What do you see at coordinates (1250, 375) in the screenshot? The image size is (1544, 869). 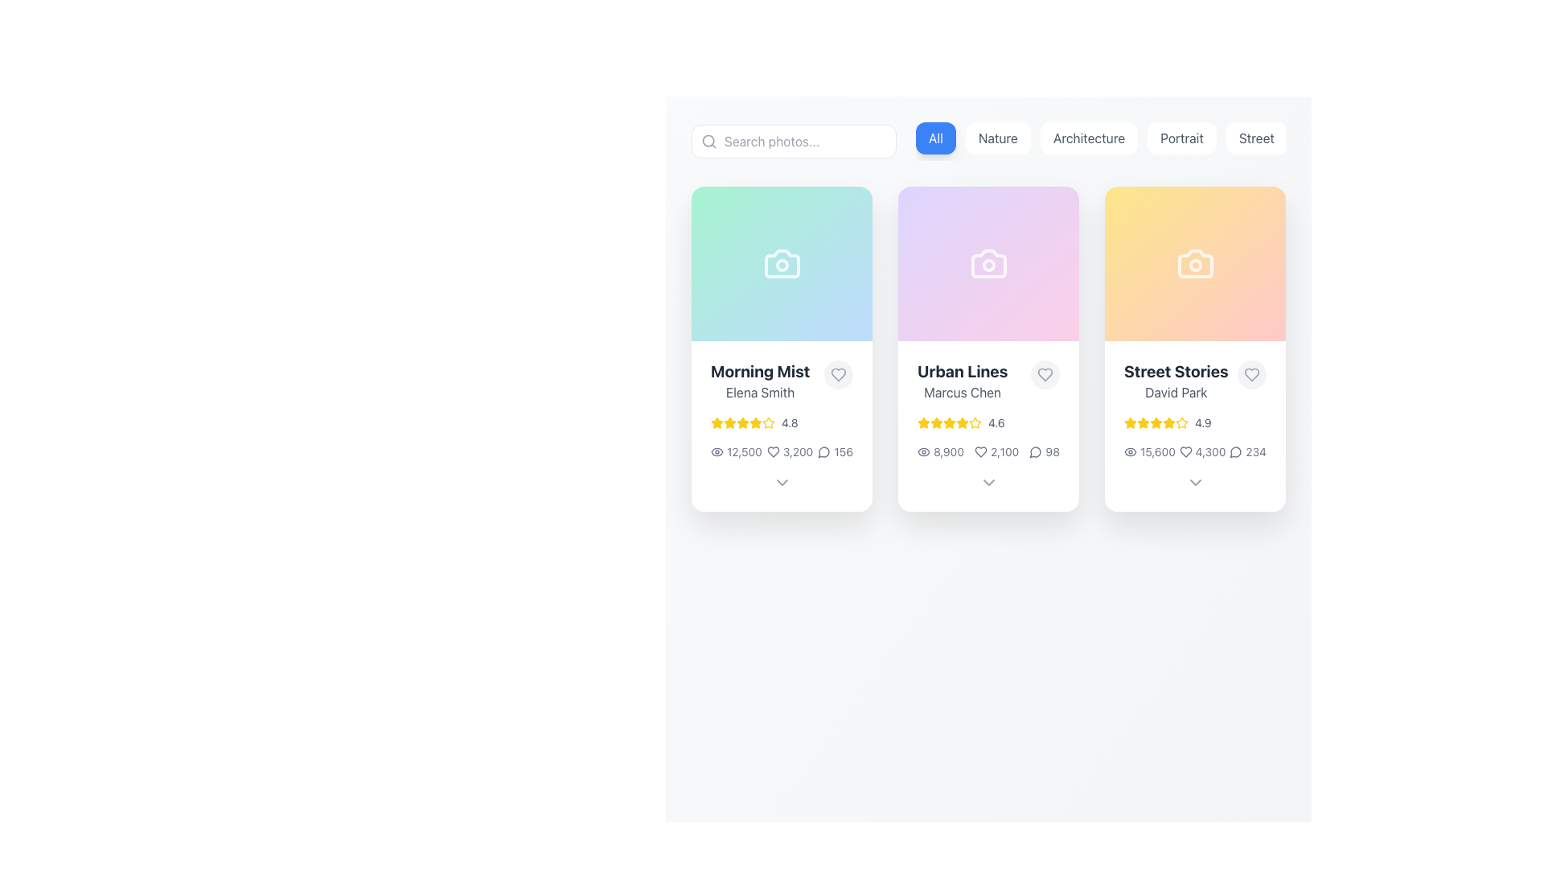 I see `the interactive circular button with a heart icon located at the top-right corner of the 'Street Stories' card by 'David Park'` at bounding box center [1250, 375].